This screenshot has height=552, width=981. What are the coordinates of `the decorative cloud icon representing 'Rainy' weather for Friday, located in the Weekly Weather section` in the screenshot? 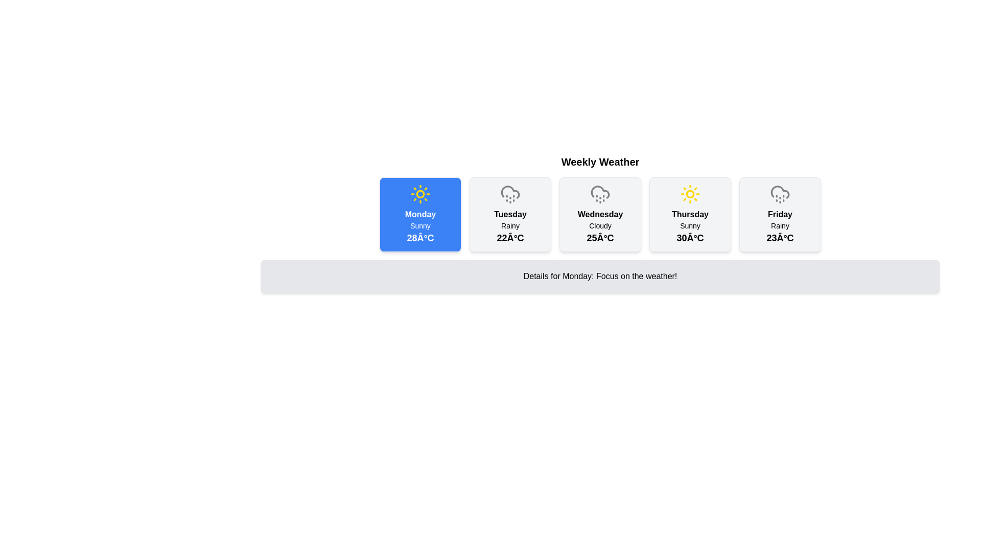 It's located at (779, 192).